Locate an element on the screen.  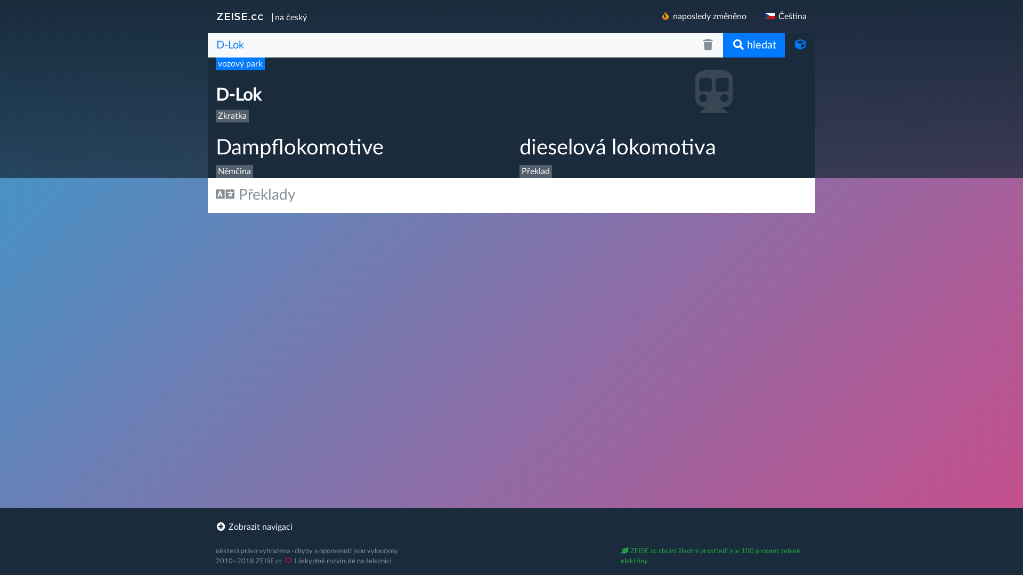
'hledat' is located at coordinates (753, 44).